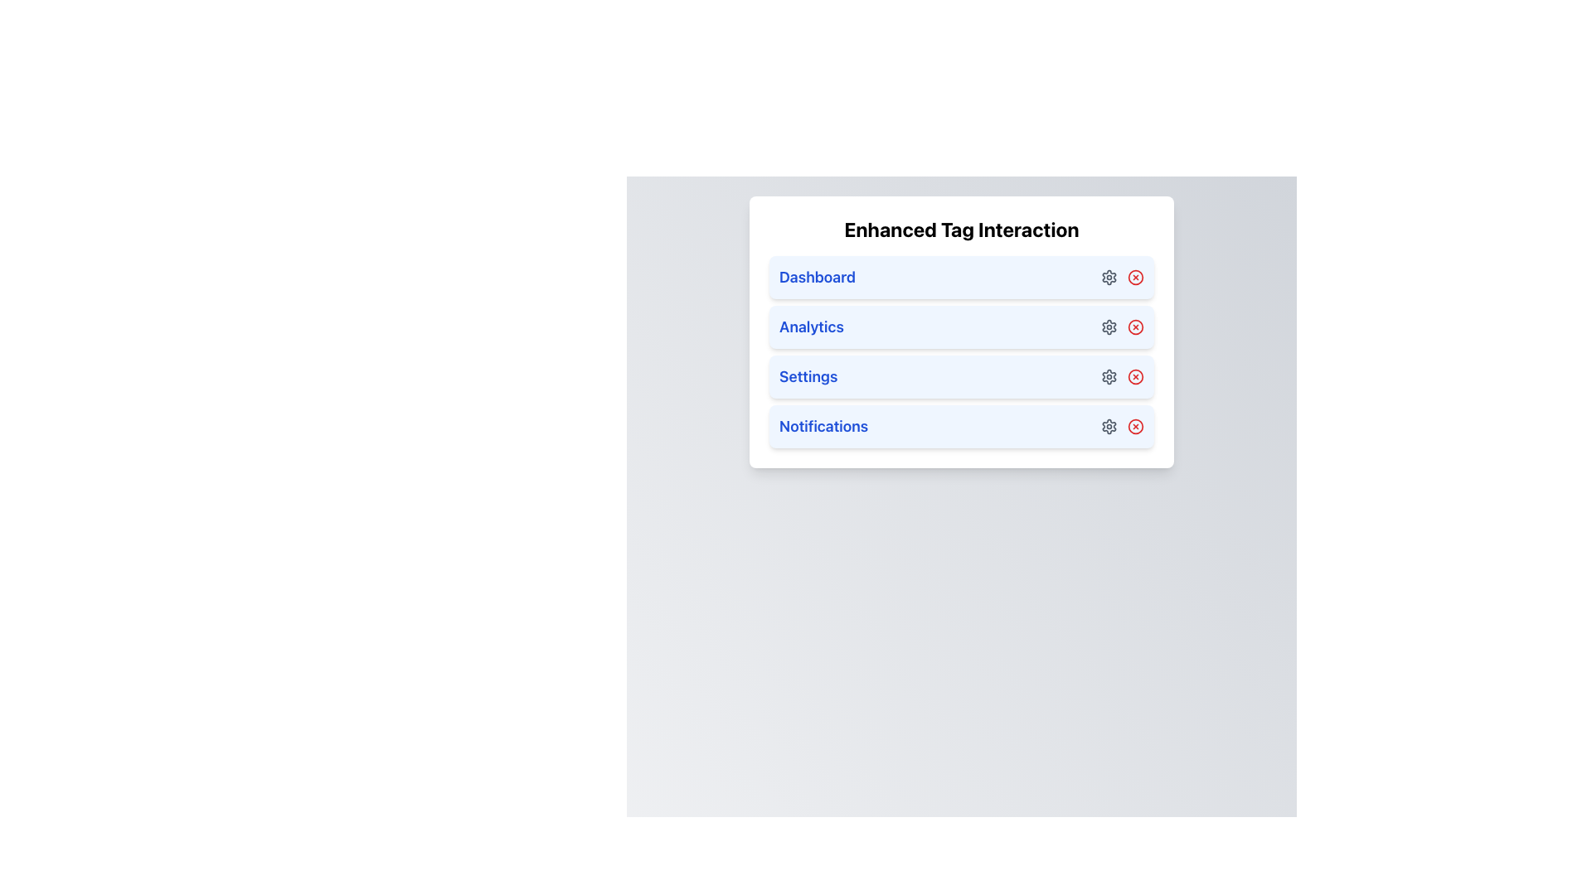 This screenshot has height=895, width=1592. What do you see at coordinates (1109, 277) in the screenshot?
I see `the settings icon button, represented as a circular gear with a hollow center, located within the first row under the 'Enhanced Tag Interaction' panel, aligned to the right side of the 'Dashboard' label` at bounding box center [1109, 277].